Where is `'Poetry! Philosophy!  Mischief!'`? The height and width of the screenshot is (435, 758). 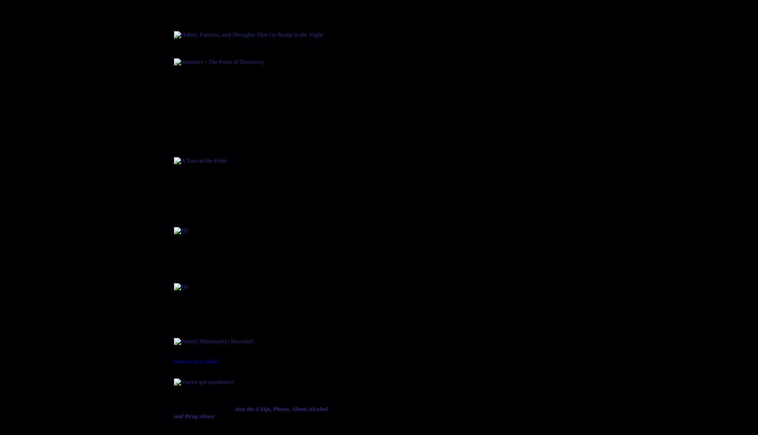
'Poetry! Philosophy!  Mischief!' is located at coordinates (226, 331).